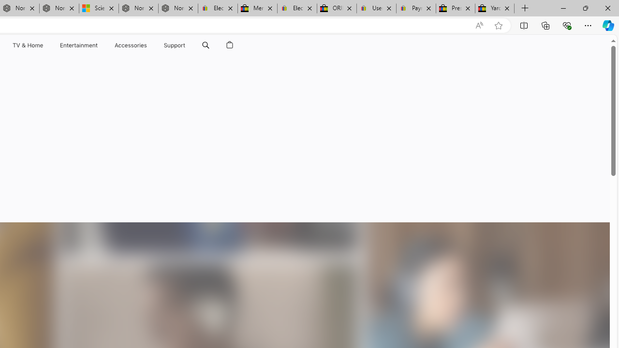 The height and width of the screenshot is (348, 619). What do you see at coordinates (130, 45) in the screenshot?
I see `'Accessories'` at bounding box center [130, 45].